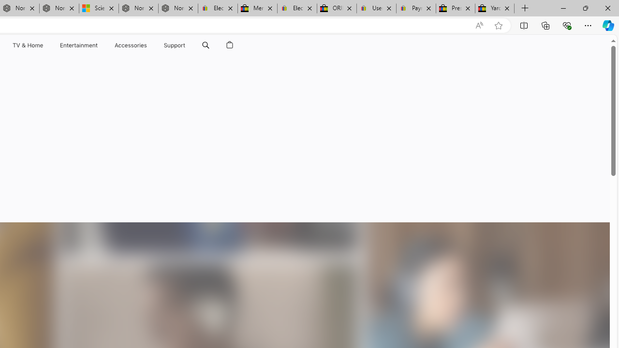 The height and width of the screenshot is (348, 619). What do you see at coordinates (130, 45) in the screenshot?
I see `'Accessories'` at bounding box center [130, 45].